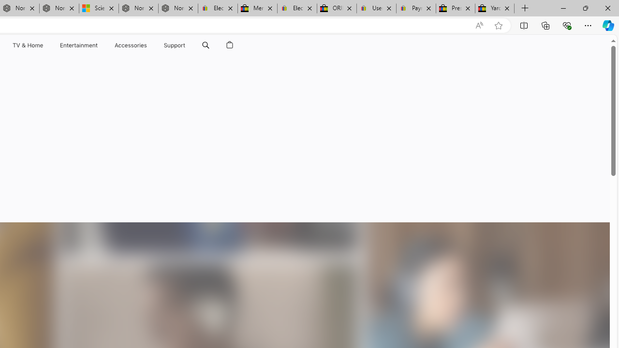 The height and width of the screenshot is (348, 619). What do you see at coordinates (130, 45) in the screenshot?
I see `'Accessories'` at bounding box center [130, 45].